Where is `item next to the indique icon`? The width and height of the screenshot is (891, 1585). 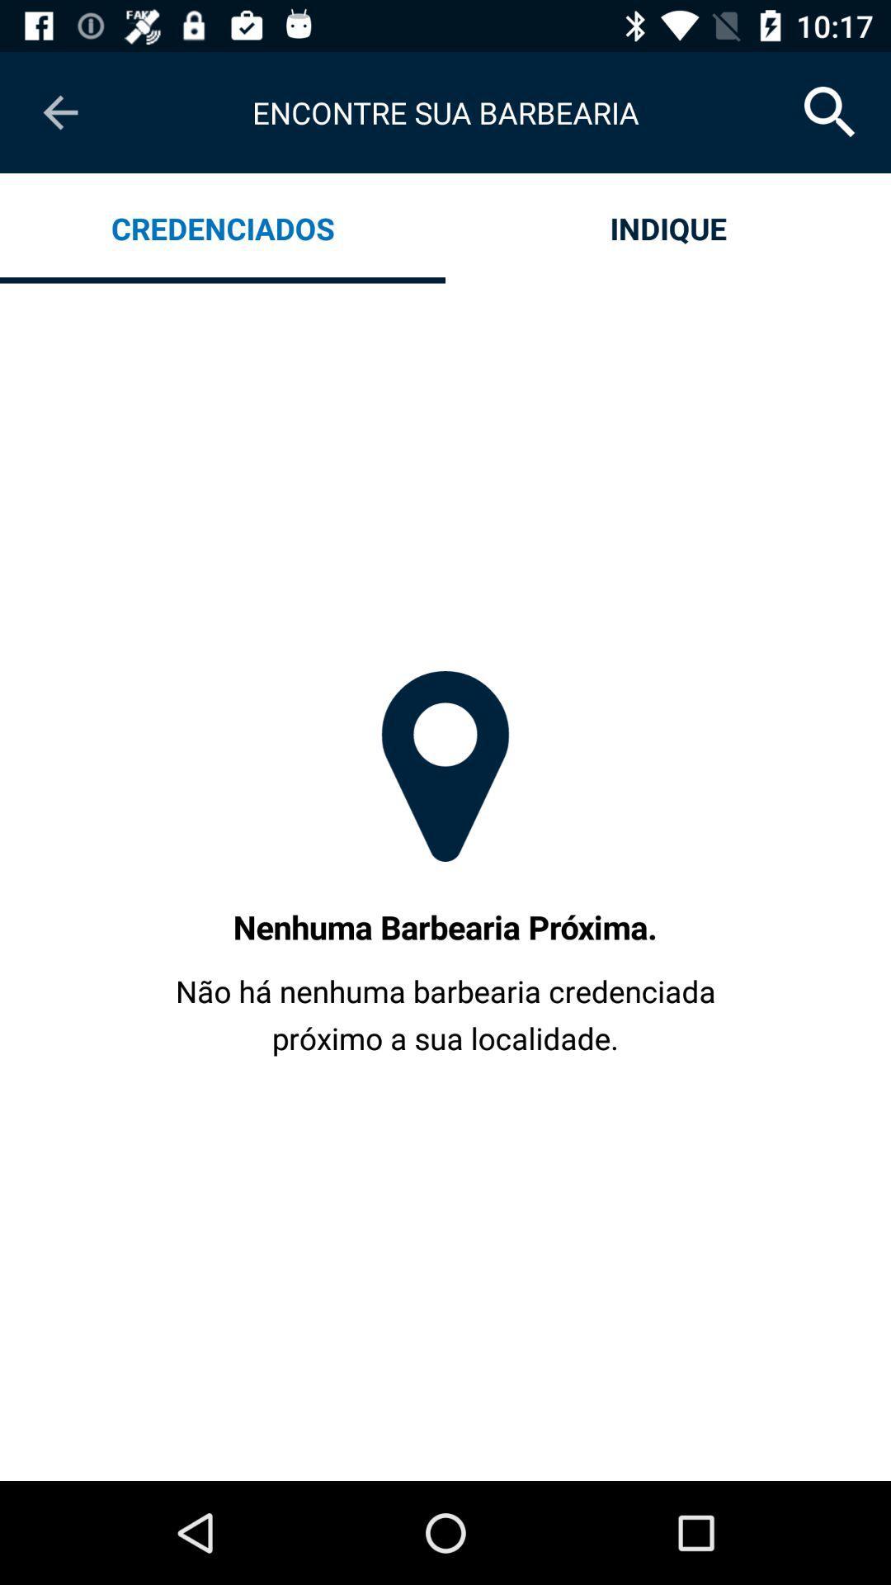
item next to the indique icon is located at coordinates (223, 227).